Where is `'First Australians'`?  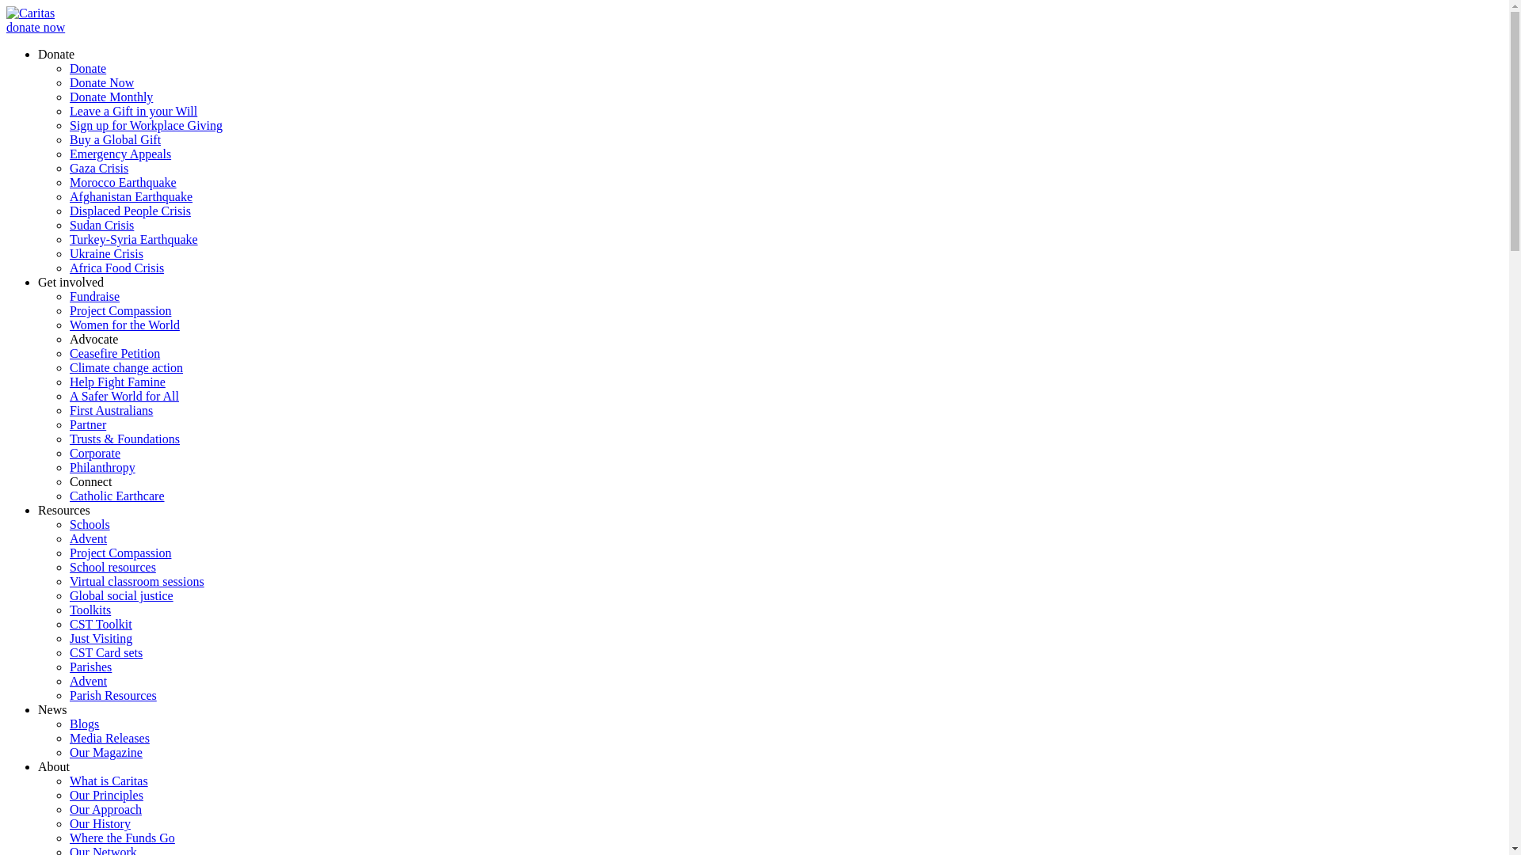
'First Australians' is located at coordinates (110, 409).